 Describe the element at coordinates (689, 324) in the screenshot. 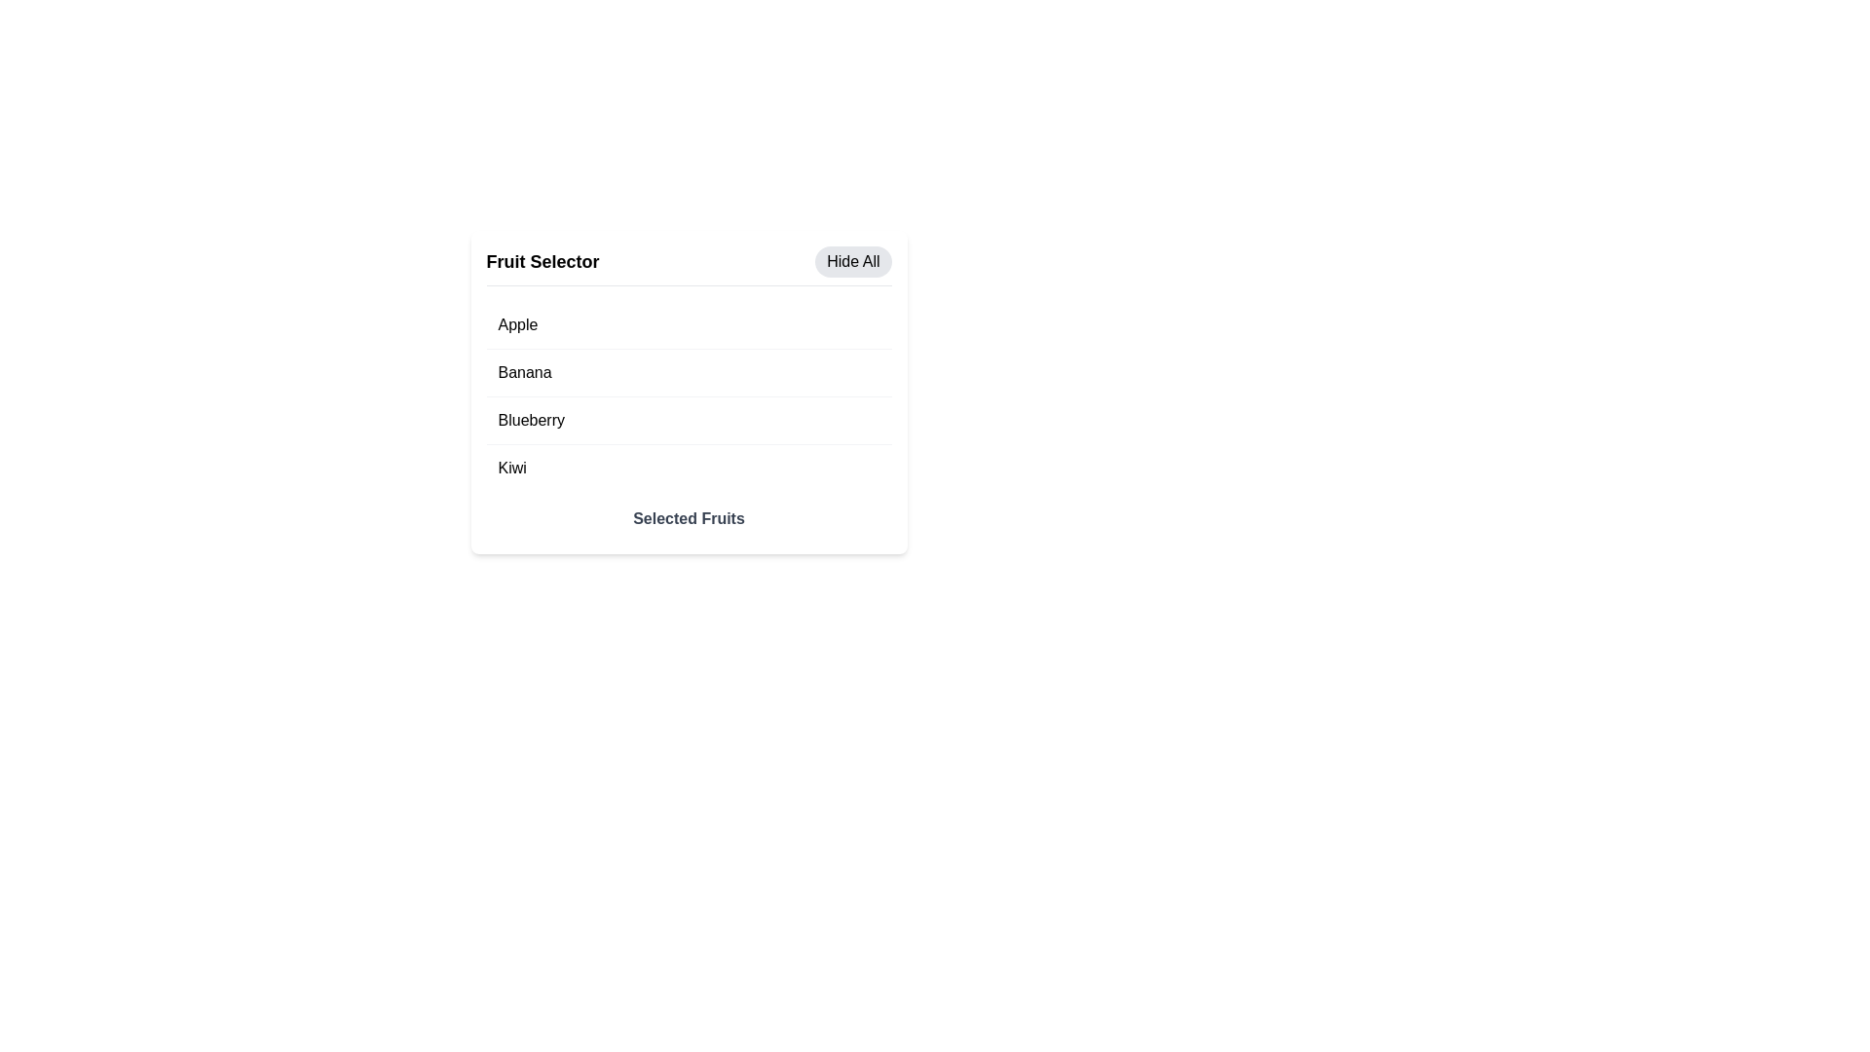

I see `the first item in the vertical list representing 'Apple'` at that location.